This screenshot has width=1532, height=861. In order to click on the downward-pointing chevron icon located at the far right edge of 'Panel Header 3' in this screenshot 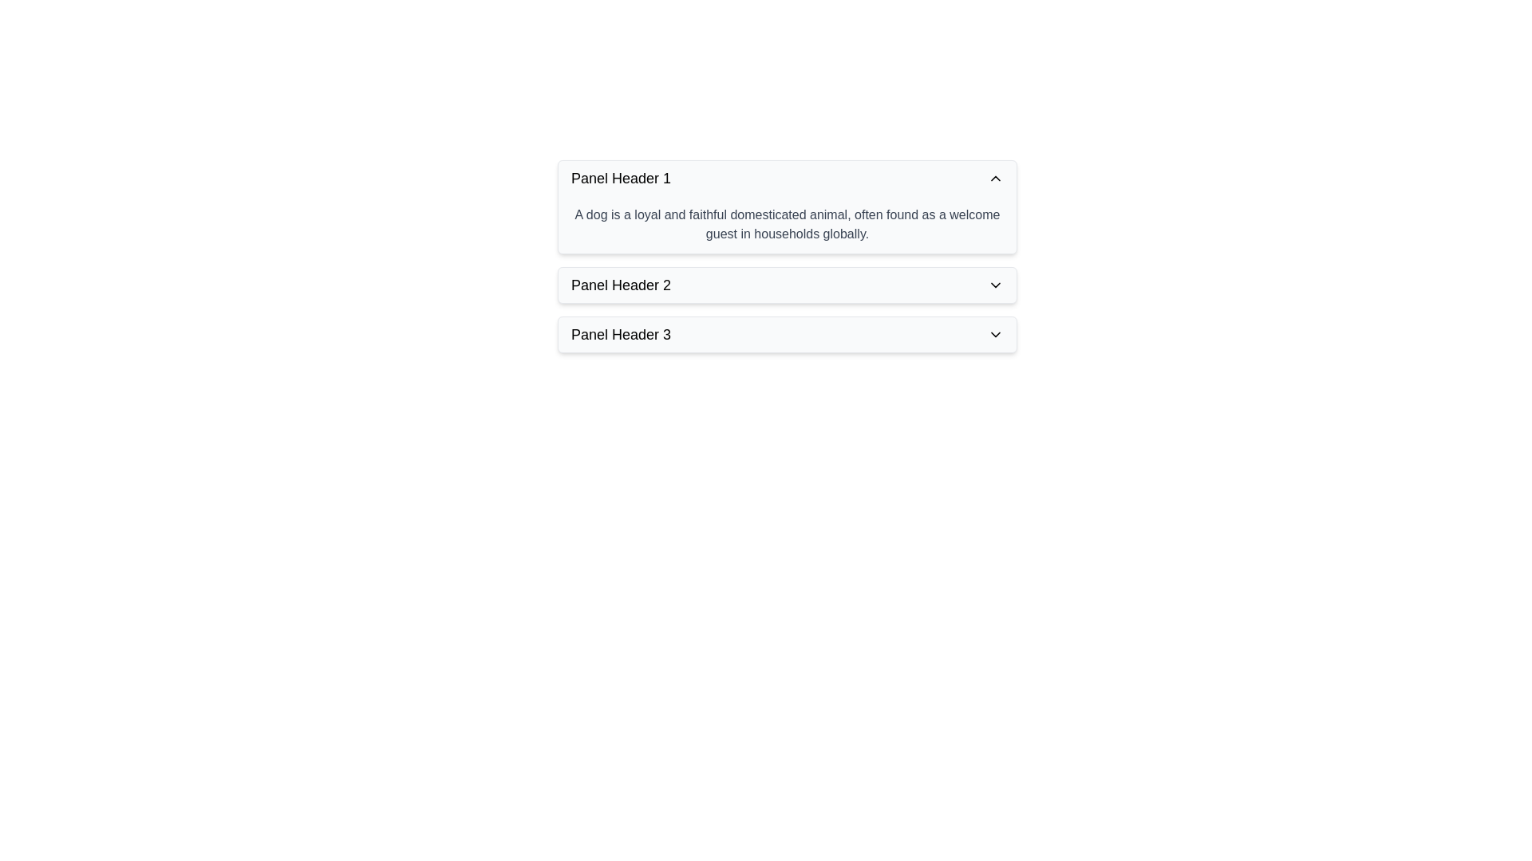, I will do `click(995, 334)`.